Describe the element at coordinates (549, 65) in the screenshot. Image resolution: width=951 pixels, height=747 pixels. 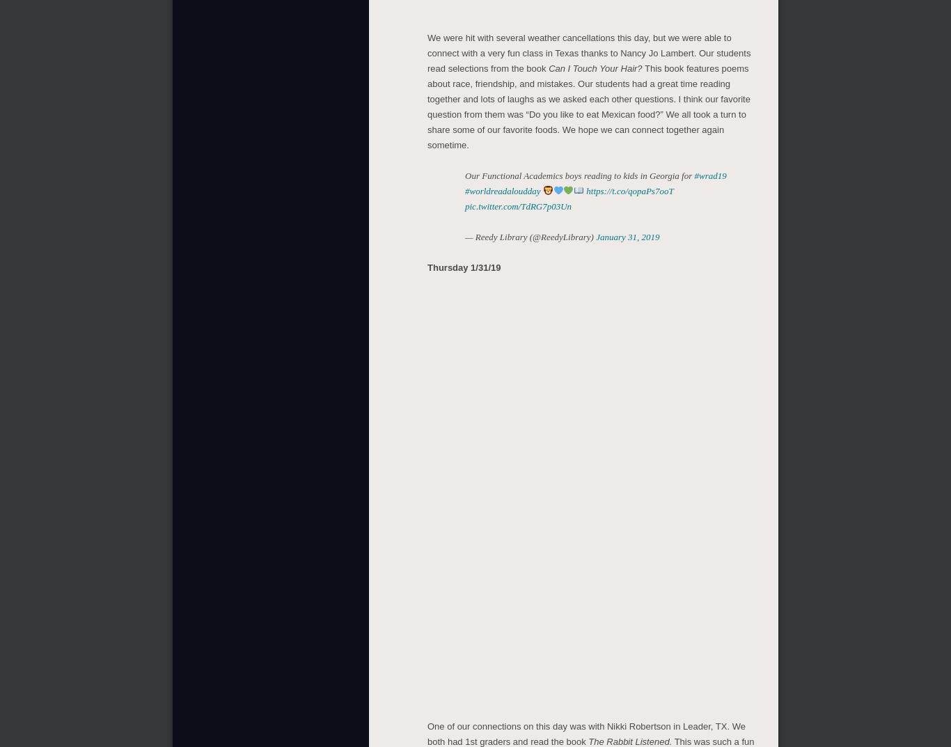
I see `'Can I Touch Your Hair?'` at that location.